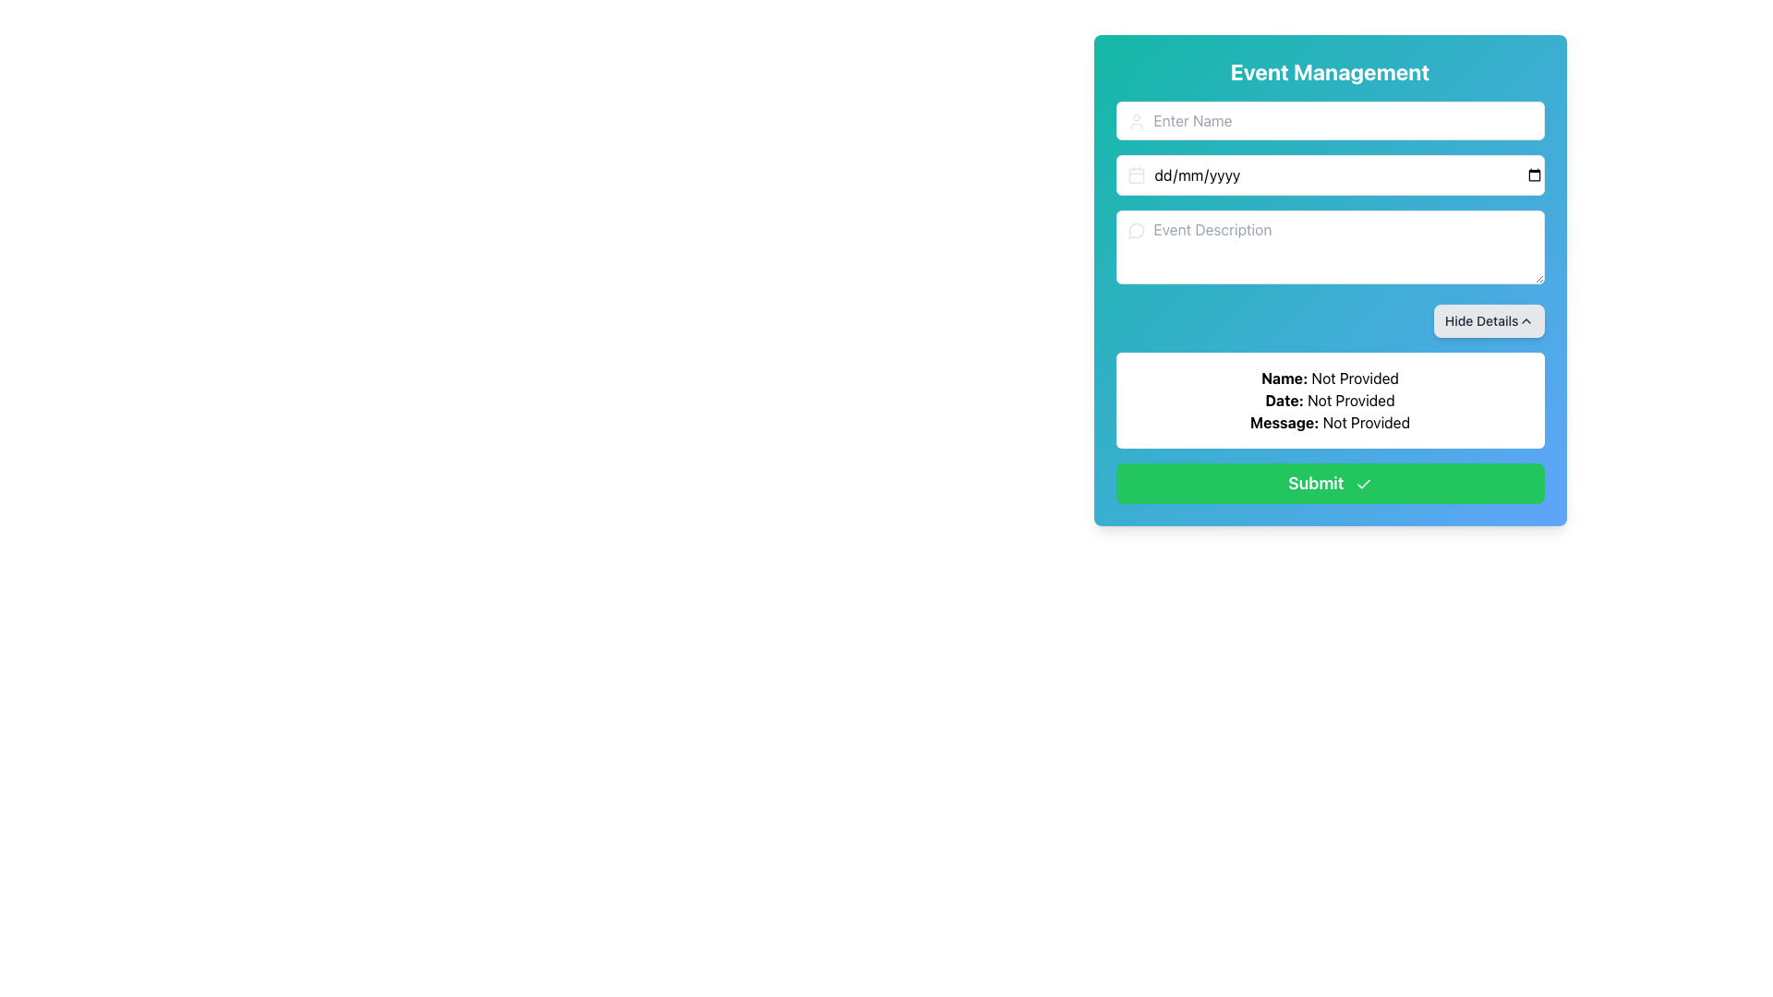 This screenshot has height=997, width=1773. What do you see at coordinates (1284, 423) in the screenshot?
I see `the static text label that identifies the nature of the information, located just above the 'Submit' button and aligned with the 'Name:' and 'Date:' labels` at bounding box center [1284, 423].